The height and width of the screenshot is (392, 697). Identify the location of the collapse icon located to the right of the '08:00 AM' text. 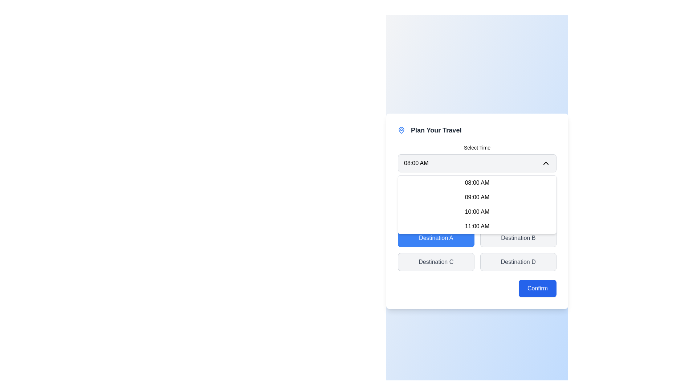
(546, 163).